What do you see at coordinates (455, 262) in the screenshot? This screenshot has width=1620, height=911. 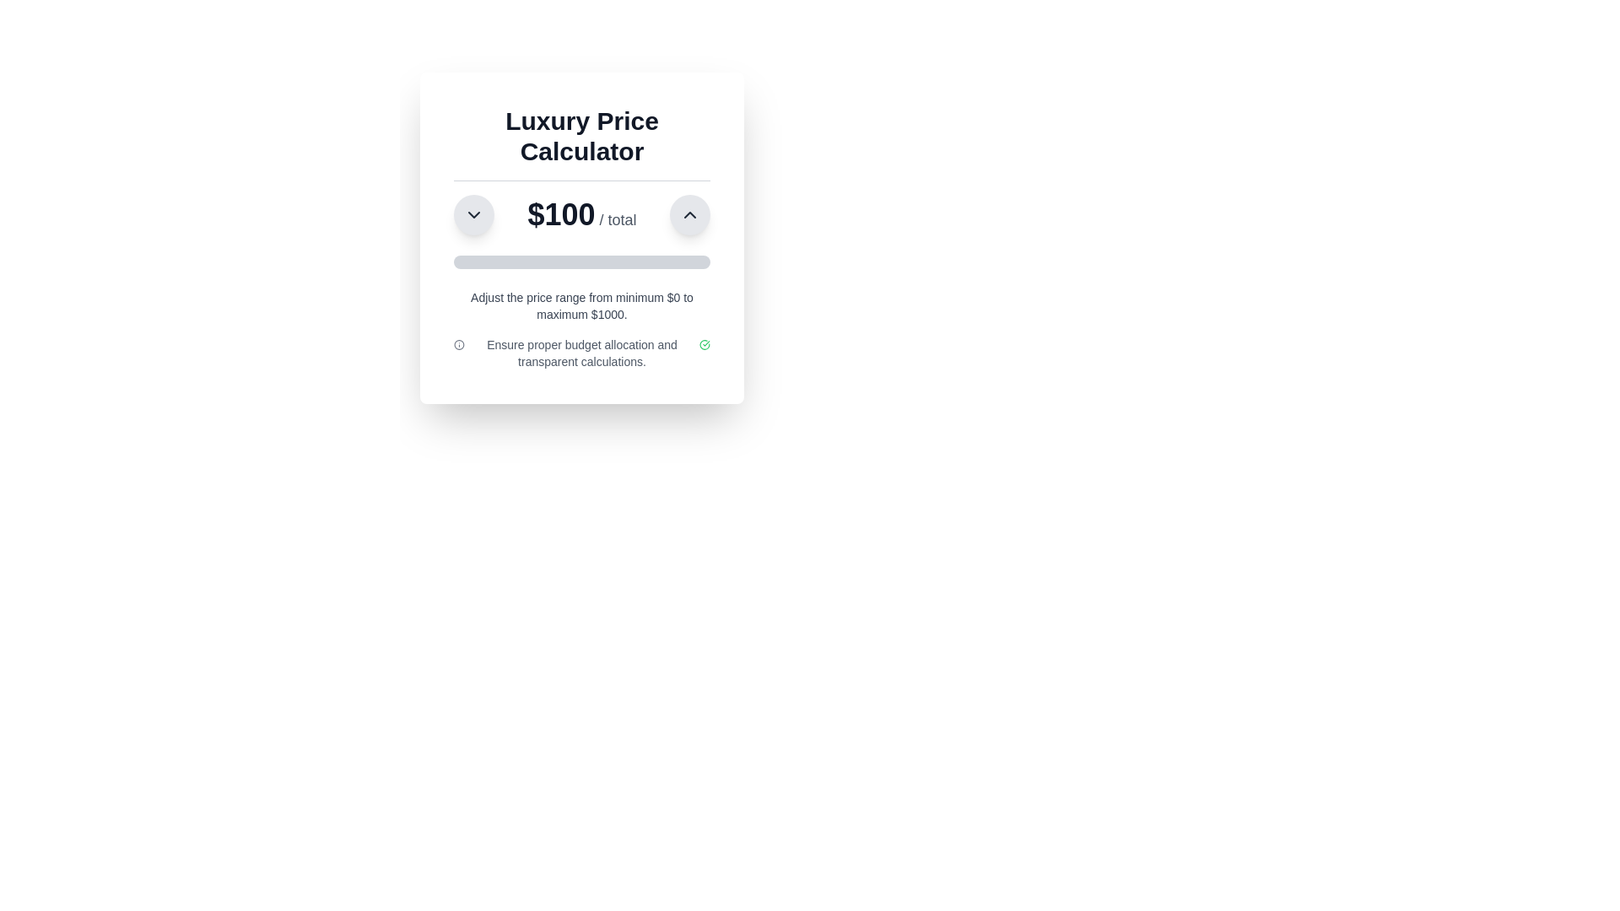 I see `the slider's value` at bounding box center [455, 262].